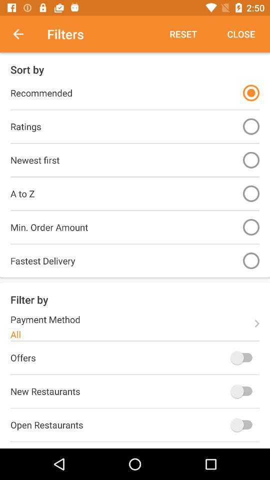 This screenshot has width=270, height=480. Describe the element at coordinates (243, 424) in the screenshot. I see `turn on/off open restaurants` at that location.